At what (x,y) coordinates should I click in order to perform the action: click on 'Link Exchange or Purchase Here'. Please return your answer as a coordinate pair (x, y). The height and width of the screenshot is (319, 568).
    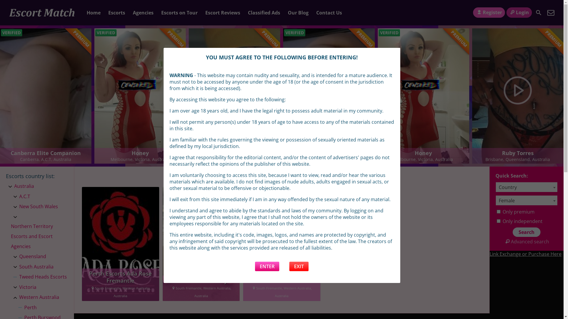
    Looking at the image, I should click on (490, 254).